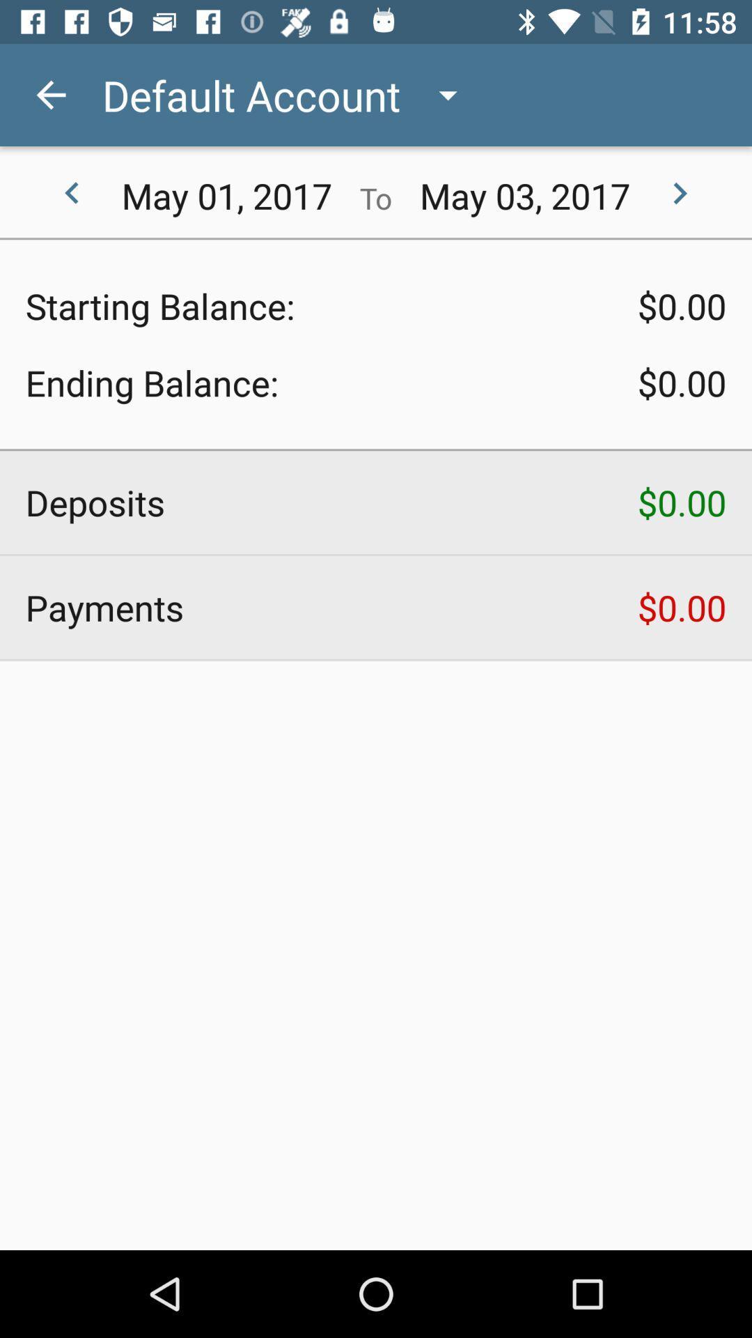 This screenshot has width=752, height=1338. What do you see at coordinates (72, 193) in the screenshot?
I see `the item to the left of may 01, 2017 icon` at bounding box center [72, 193].